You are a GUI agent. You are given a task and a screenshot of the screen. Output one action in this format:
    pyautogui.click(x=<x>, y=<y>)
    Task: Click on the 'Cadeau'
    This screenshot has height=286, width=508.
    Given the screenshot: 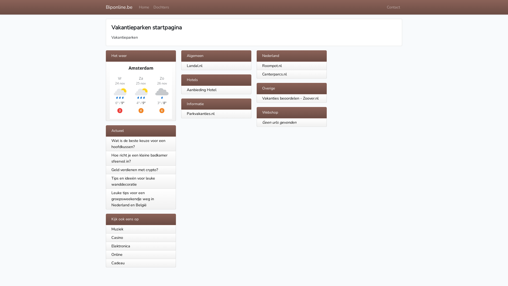 What is the action you would take?
    pyautogui.click(x=141, y=263)
    